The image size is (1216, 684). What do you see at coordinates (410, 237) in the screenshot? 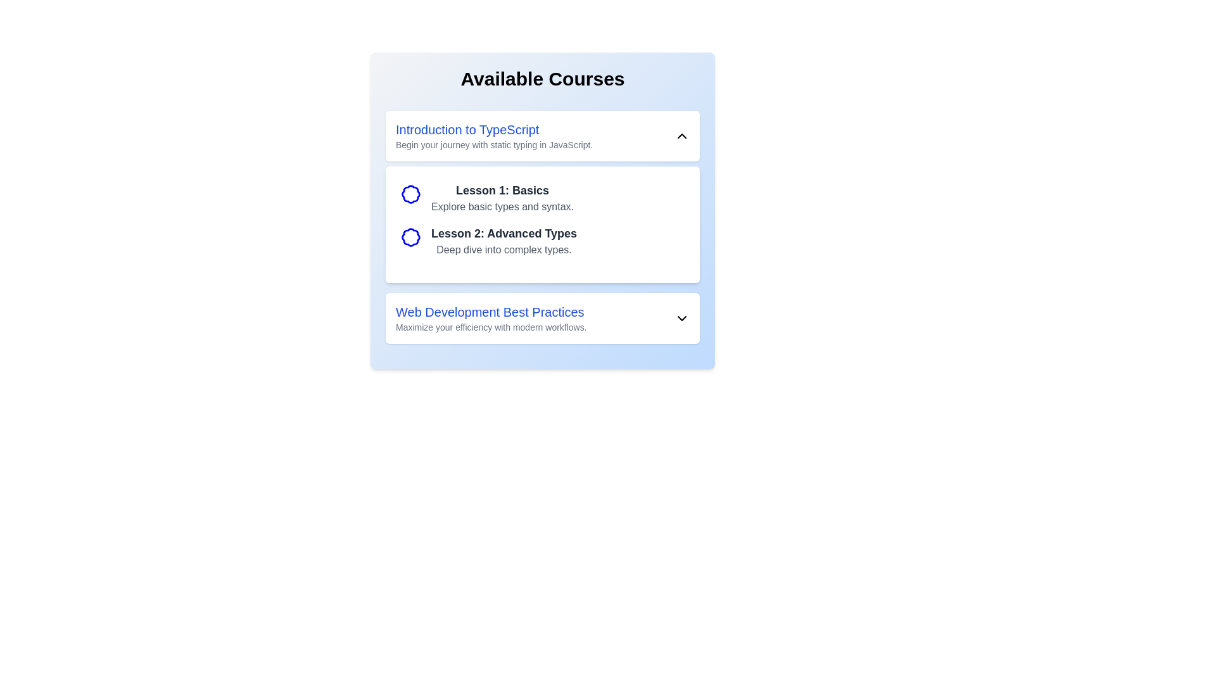
I see `the circular badge icon associated with the course 'Lesson 2: Advanced Types' located to the left of the course title in the second course card` at bounding box center [410, 237].